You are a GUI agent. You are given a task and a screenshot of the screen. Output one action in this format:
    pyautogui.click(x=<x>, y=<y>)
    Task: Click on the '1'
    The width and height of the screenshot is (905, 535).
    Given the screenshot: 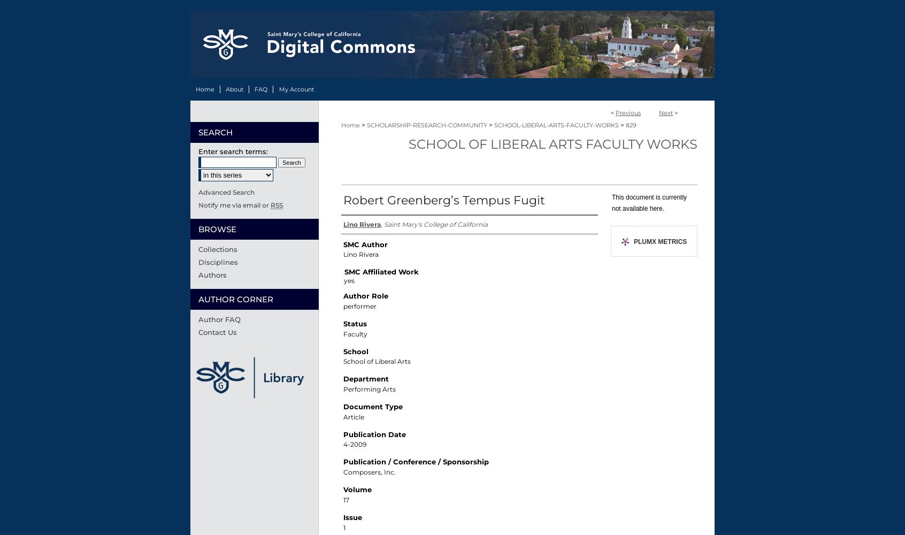 What is the action you would take?
    pyautogui.click(x=344, y=526)
    